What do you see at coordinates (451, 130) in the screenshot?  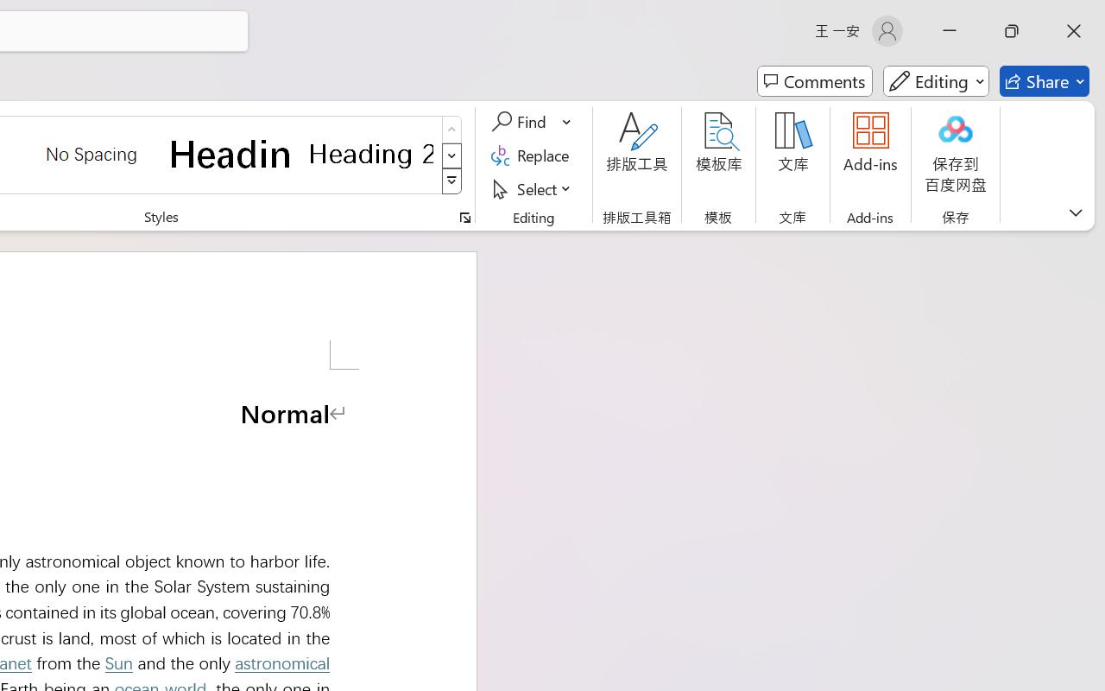 I see `'Row up'` at bounding box center [451, 130].